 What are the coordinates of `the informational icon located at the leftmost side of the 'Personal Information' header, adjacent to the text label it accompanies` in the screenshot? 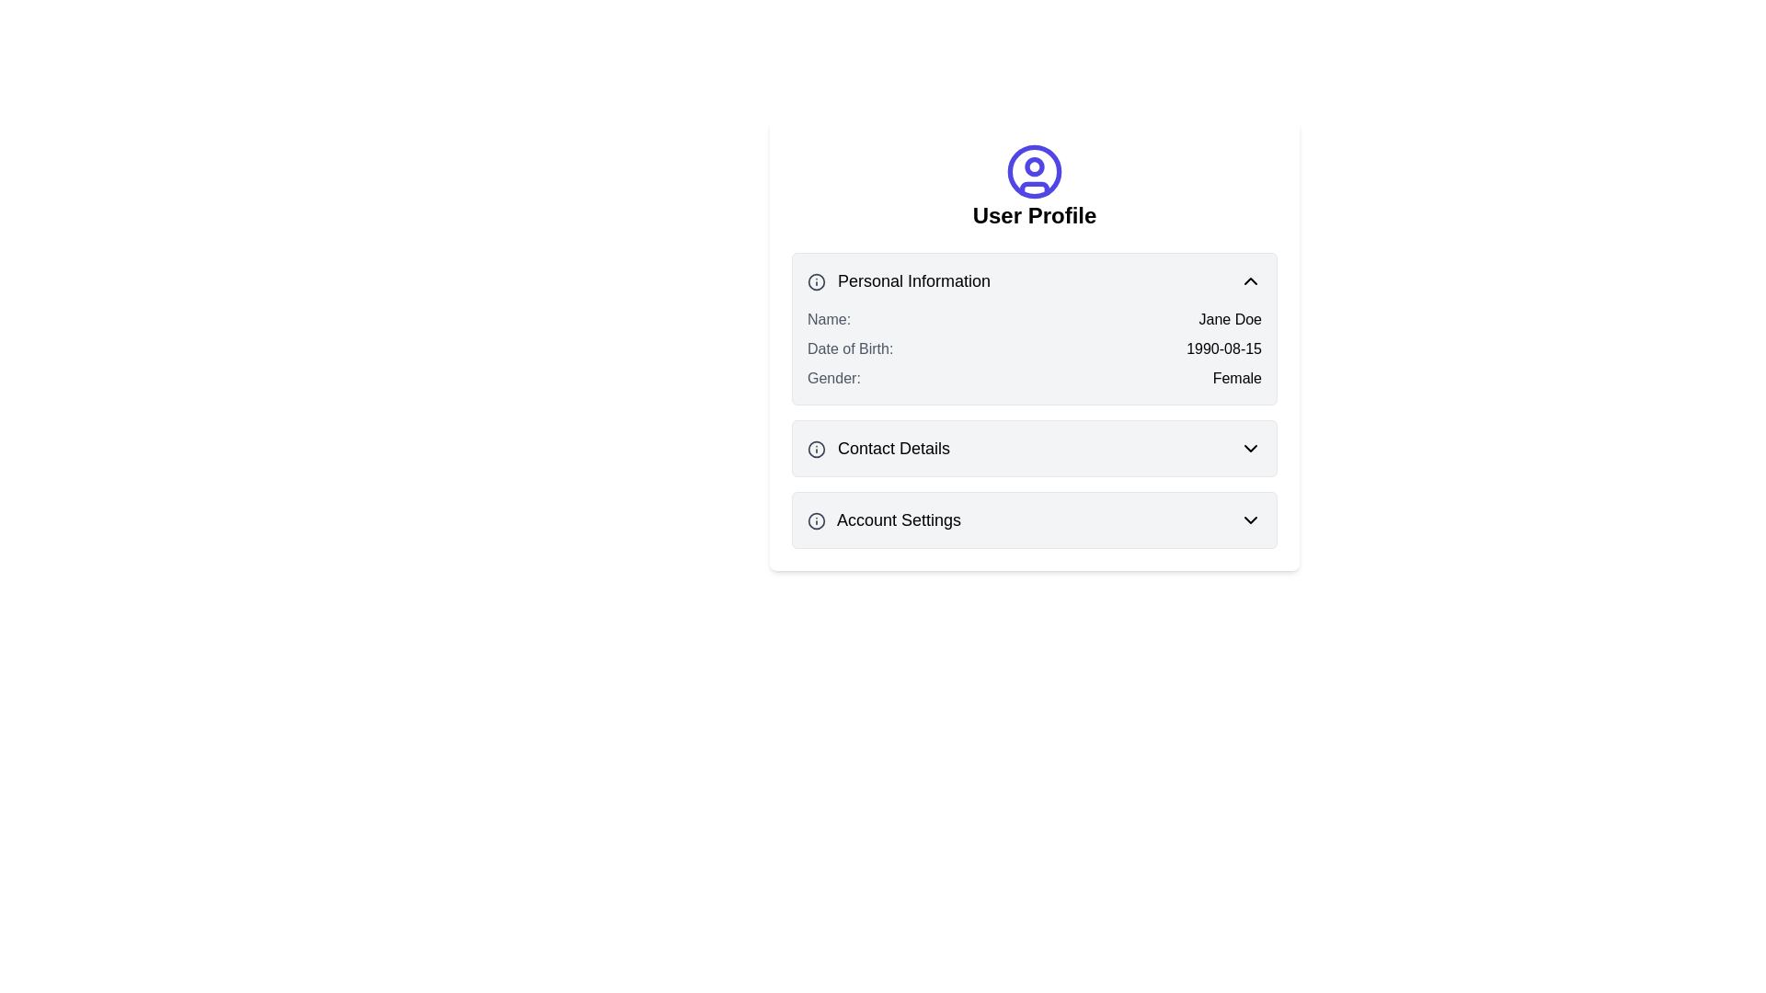 It's located at (816, 282).